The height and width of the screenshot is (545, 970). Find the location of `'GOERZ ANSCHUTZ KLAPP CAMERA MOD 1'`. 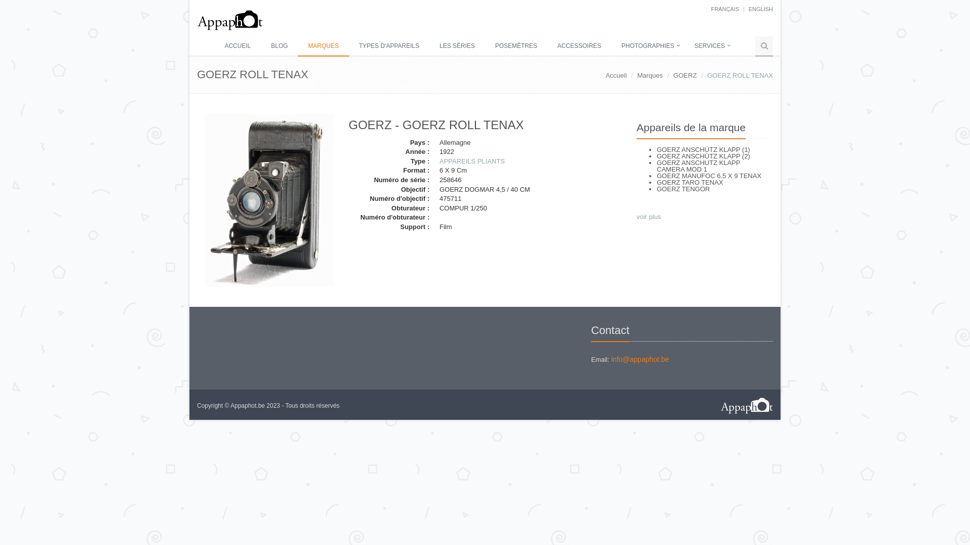

'GOERZ ANSCHUTZ KLAPP CAMERA MOD 1' is located at coordinates (698, 165).